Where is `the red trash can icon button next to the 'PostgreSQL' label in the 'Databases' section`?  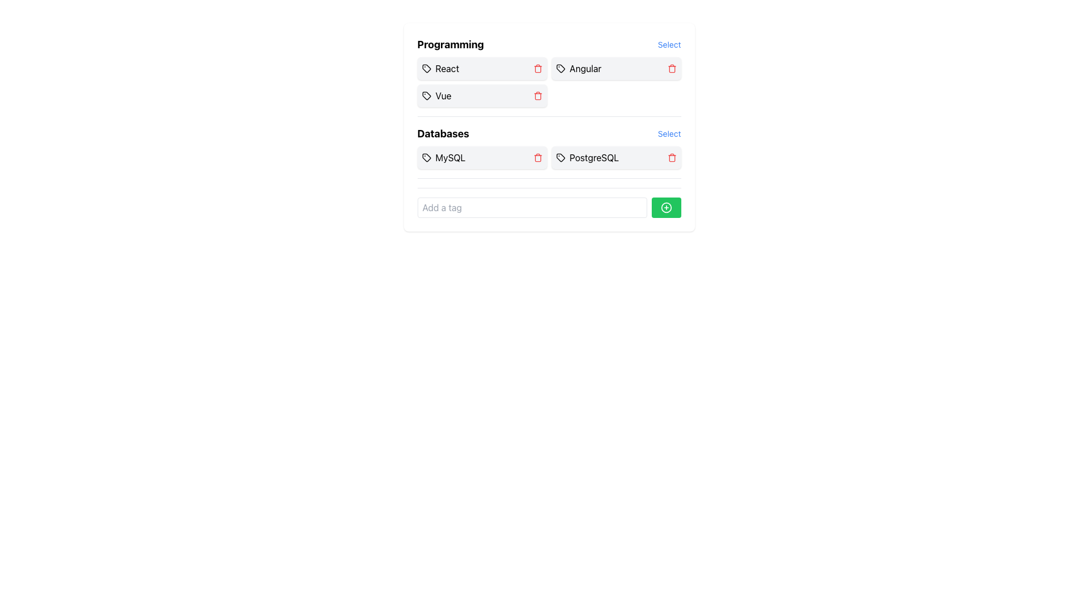 the red trash can icon button next to the 'PostgreSQL' label in the 'Databases' section is located at coordinates (672, 157).